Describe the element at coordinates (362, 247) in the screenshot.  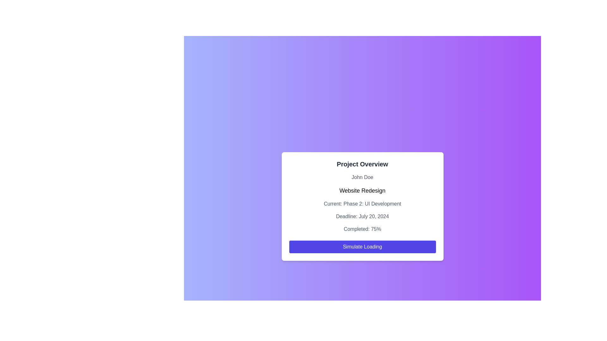
I see `the loading button located at the bottom of the project overview card to observe the background color change` at that location.